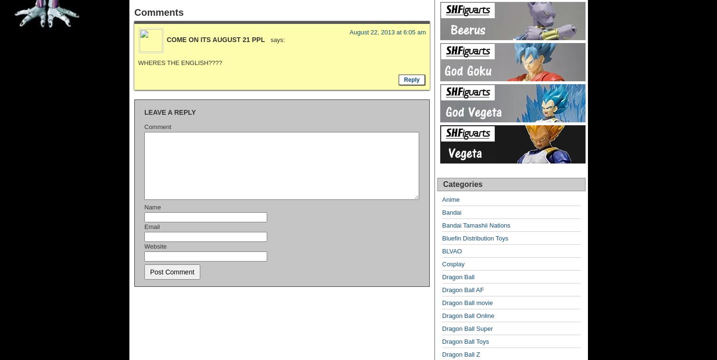 The image size is (717, 360). I want to click on 'Cosplay', so click(453, 264).